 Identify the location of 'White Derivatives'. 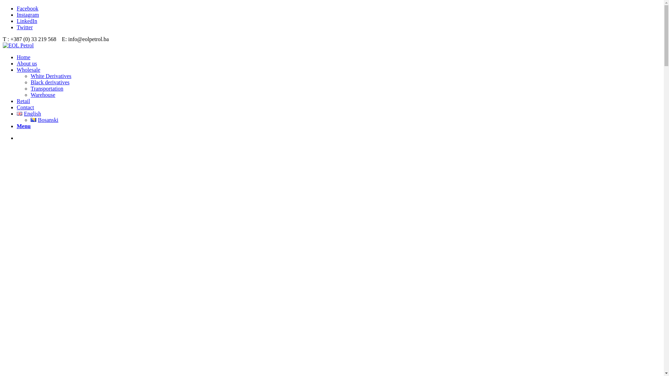
(51, 76).